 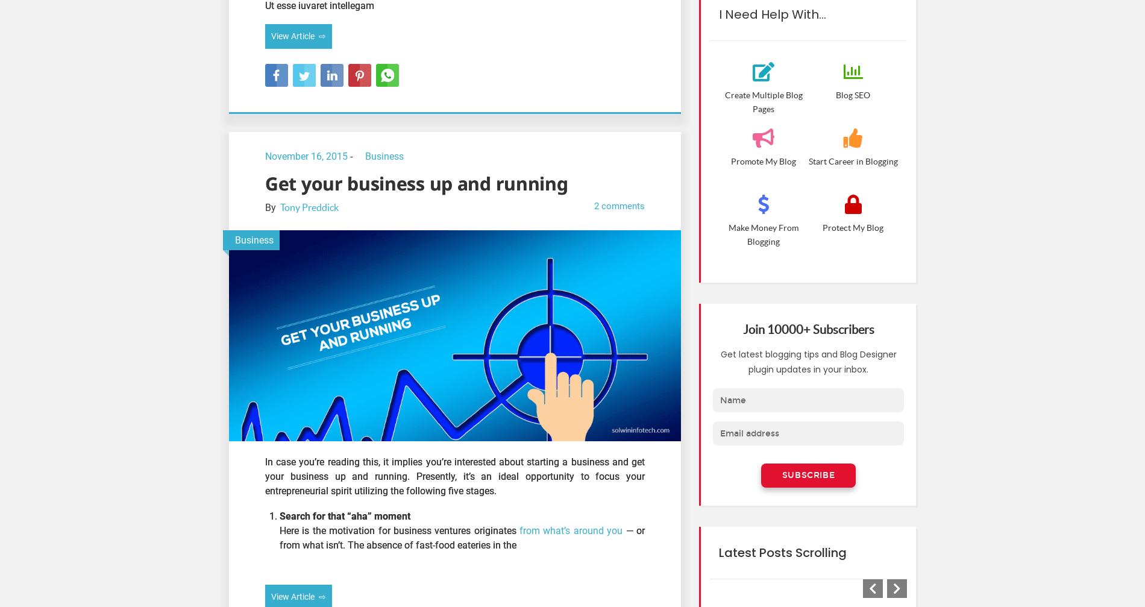 What do you see at coordinates (782, 552) in the screenshot?
I see `'Latest Posts Scrolling'` at bounding box center [782, 552].